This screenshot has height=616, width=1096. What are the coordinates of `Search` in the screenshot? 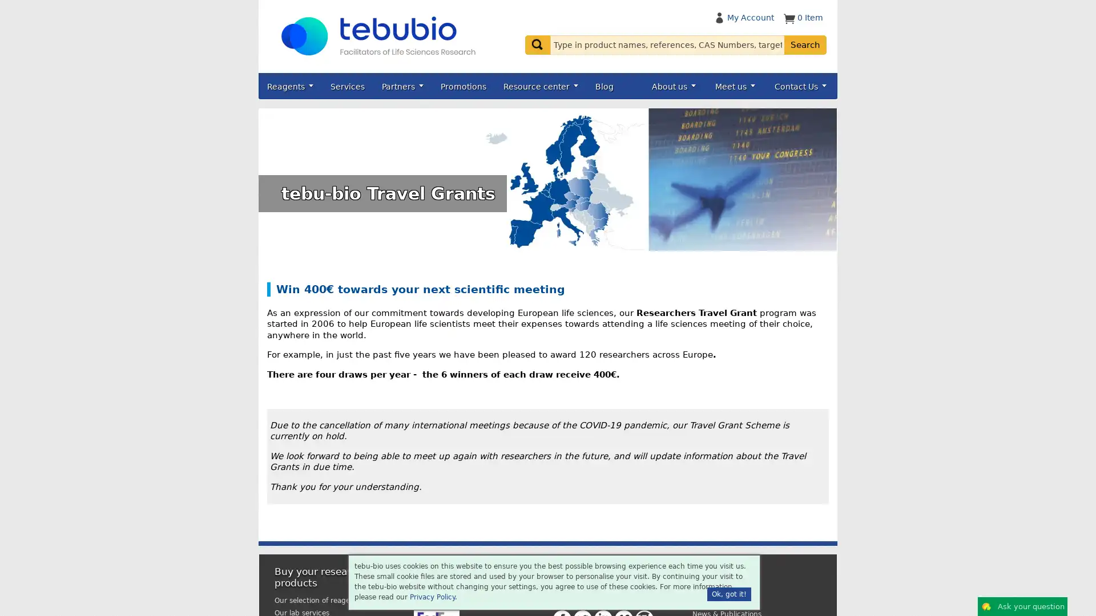 It's located at (805, 44).